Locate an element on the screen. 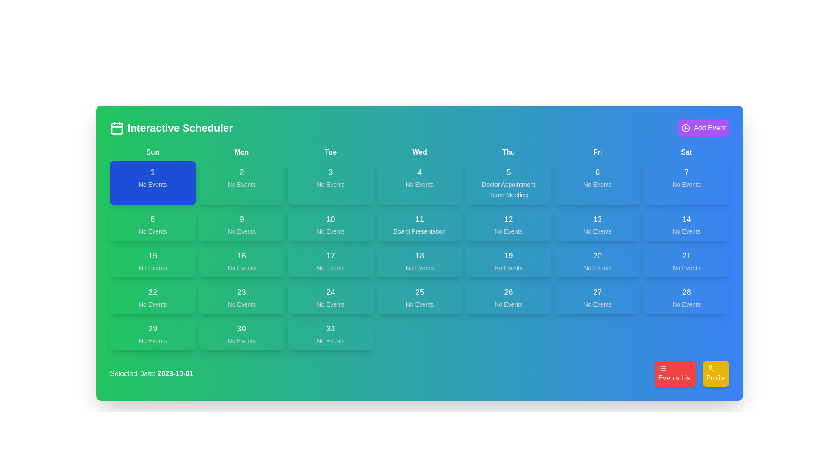 This screenshot has width=835, height=469. the Date cell displaying '17' with 'No Events' below it, located in the calendar grid under 'Tue' in the third column and fourth row is located at coordinates (330, 261).